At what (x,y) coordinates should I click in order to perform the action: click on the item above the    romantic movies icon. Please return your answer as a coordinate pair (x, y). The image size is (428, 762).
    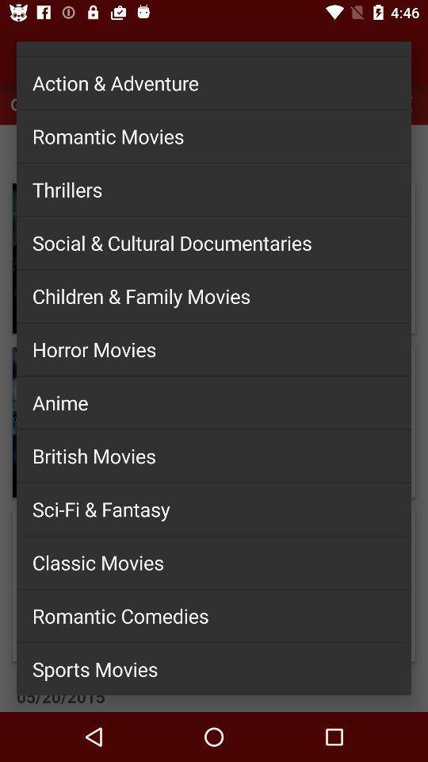
    Looking at the image, I should click on (214, 83).